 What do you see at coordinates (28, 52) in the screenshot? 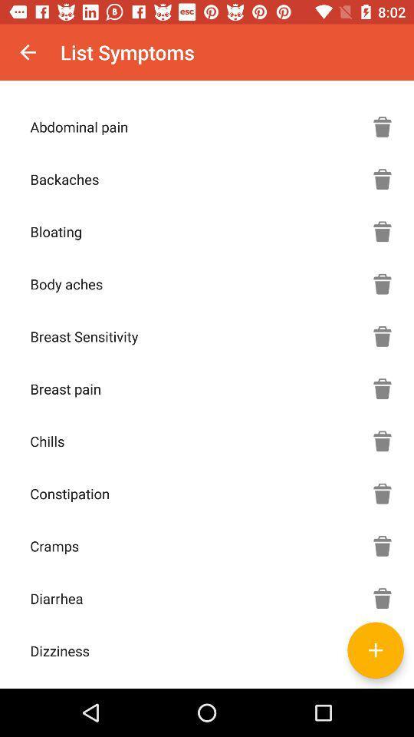
I see `the item above the abdominal pain item` at bounding box center [28, 52].